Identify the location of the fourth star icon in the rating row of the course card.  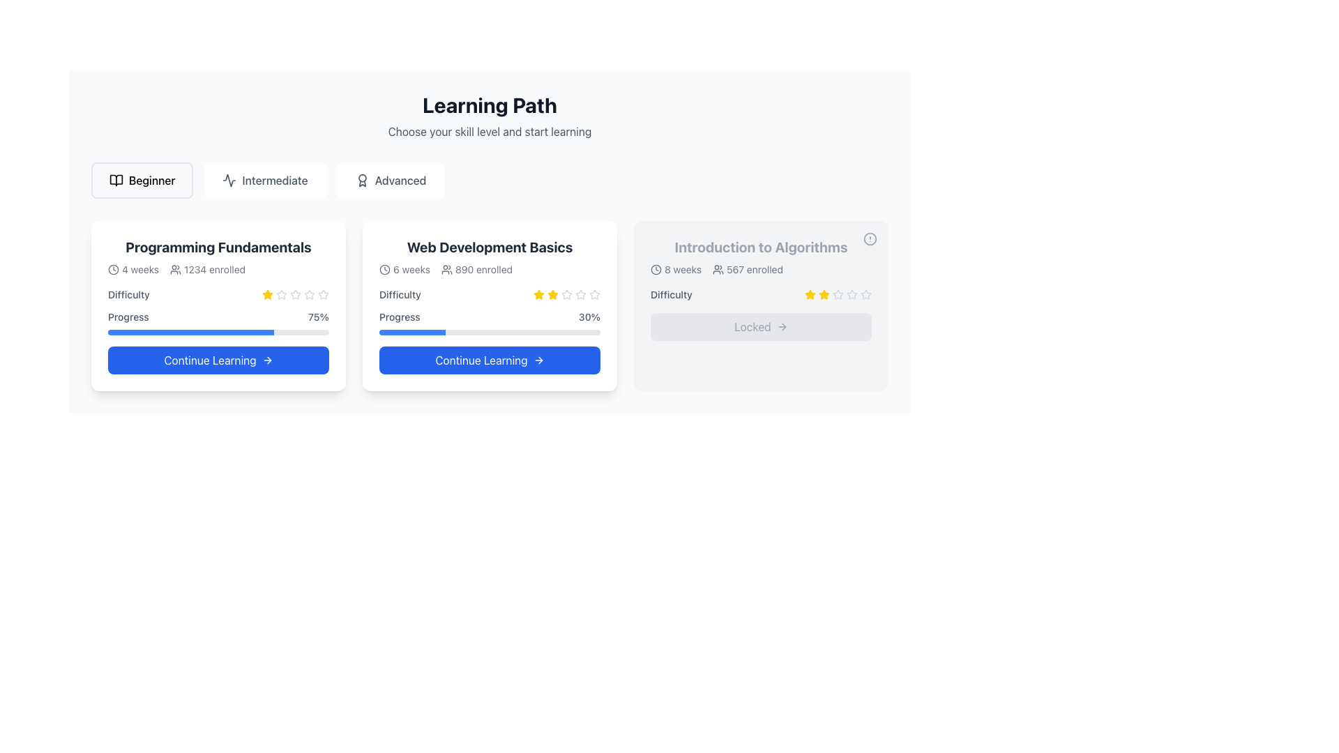
(294, 294).